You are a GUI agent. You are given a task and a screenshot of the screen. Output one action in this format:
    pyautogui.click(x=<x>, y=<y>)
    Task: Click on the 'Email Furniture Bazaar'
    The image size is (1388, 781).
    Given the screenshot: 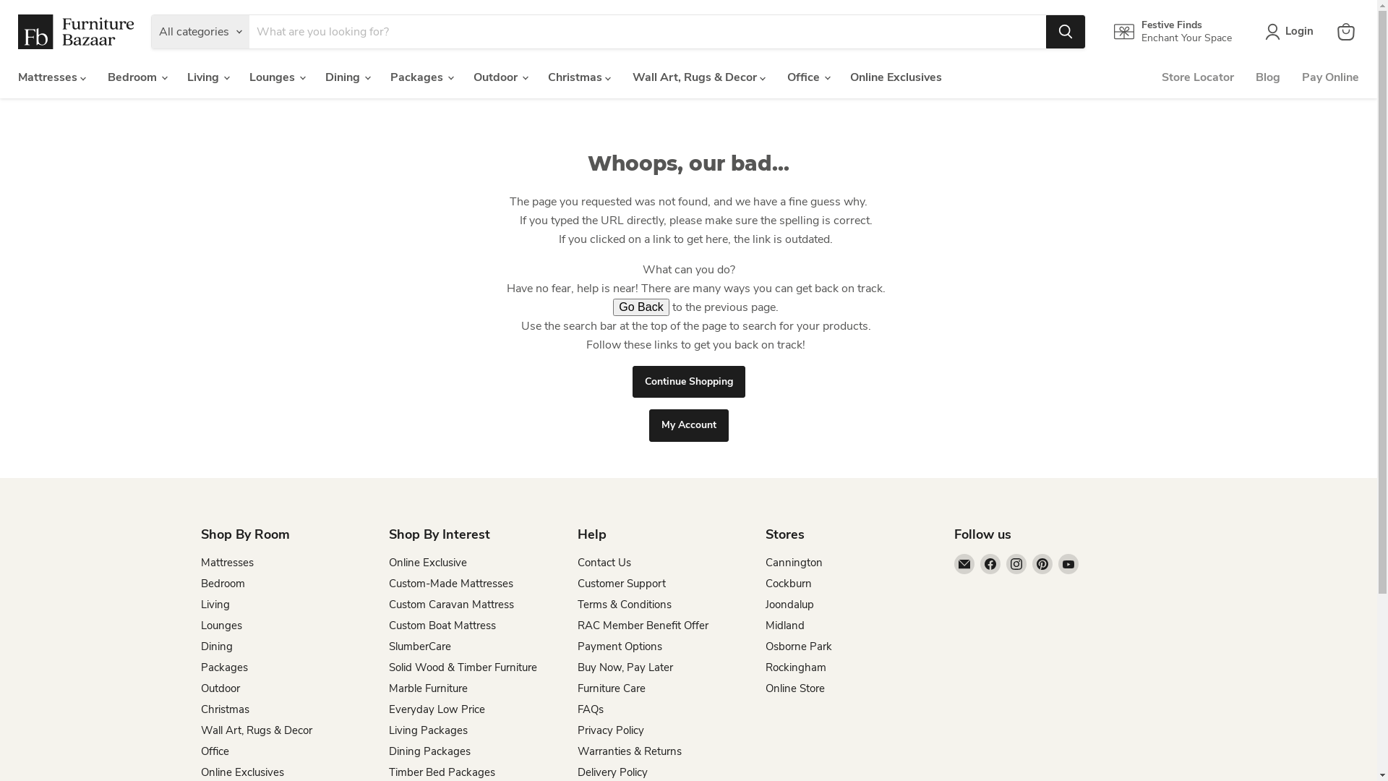 What is the action you would take?
    pyautogui.click(x=964, y=563)
    